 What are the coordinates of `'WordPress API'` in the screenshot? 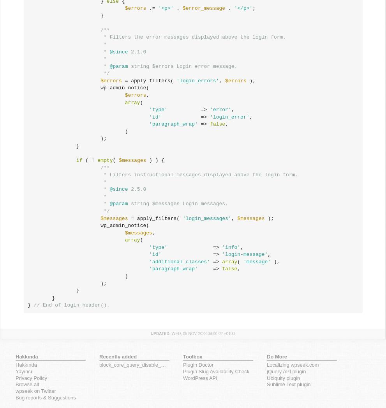 It's located at (183, 377).